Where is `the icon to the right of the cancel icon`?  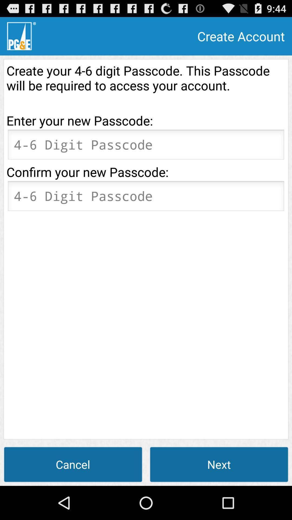 the icon to the right of the cancel icon is located at coordinates (219, 464).